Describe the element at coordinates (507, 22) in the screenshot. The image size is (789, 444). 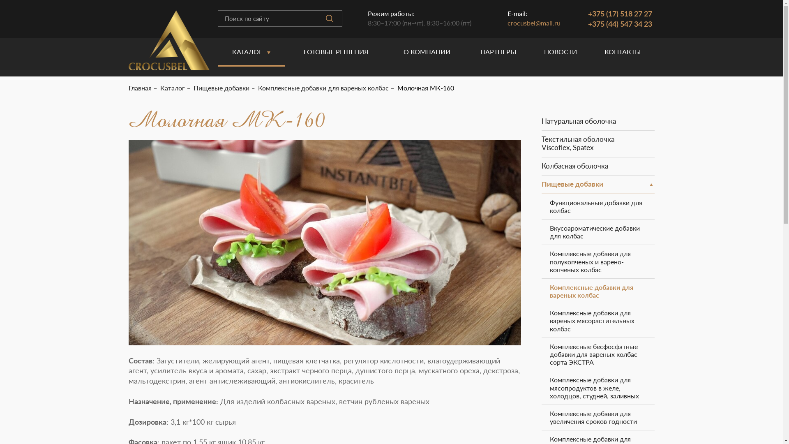
I see `'crocusbel@mail.ru'` at that location.